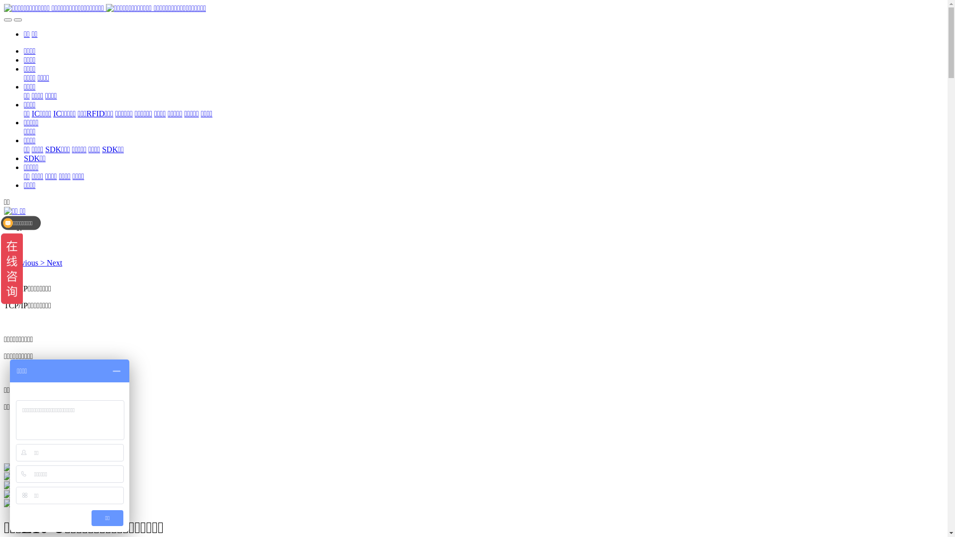 The height and width of the screenshot is (537, 955). Describe the element at coordinates (50, 262) in the screenshot. I see `'> Next'` at that location.